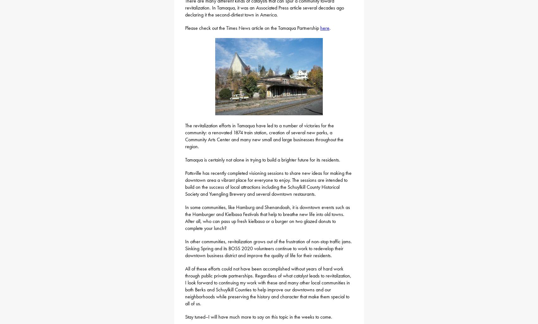 This screenshot has height=324, width=538. I want to click on 'Stay tuned–I will have much more to say on this topic in the weeks to come.', so click(258, 316).